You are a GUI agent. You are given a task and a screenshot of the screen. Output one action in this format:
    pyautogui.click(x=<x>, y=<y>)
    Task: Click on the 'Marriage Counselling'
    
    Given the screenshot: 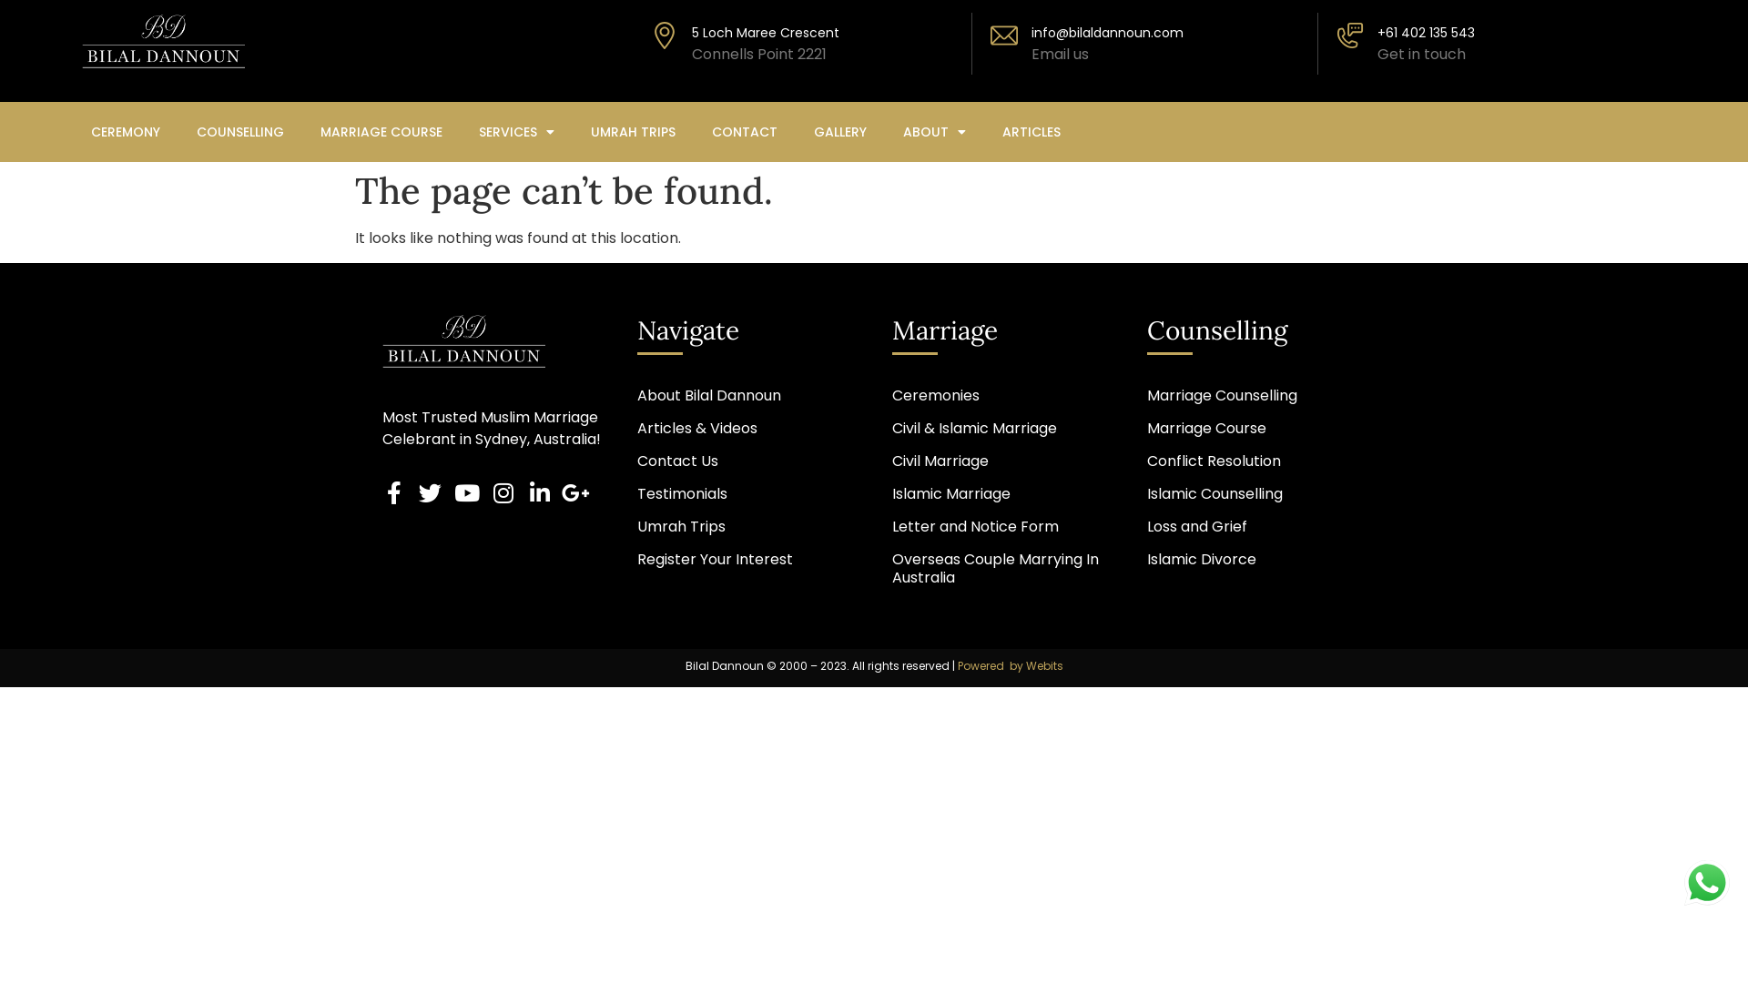 What is the action you would take?
    pyautogui.click(x=1255, y=395)
    